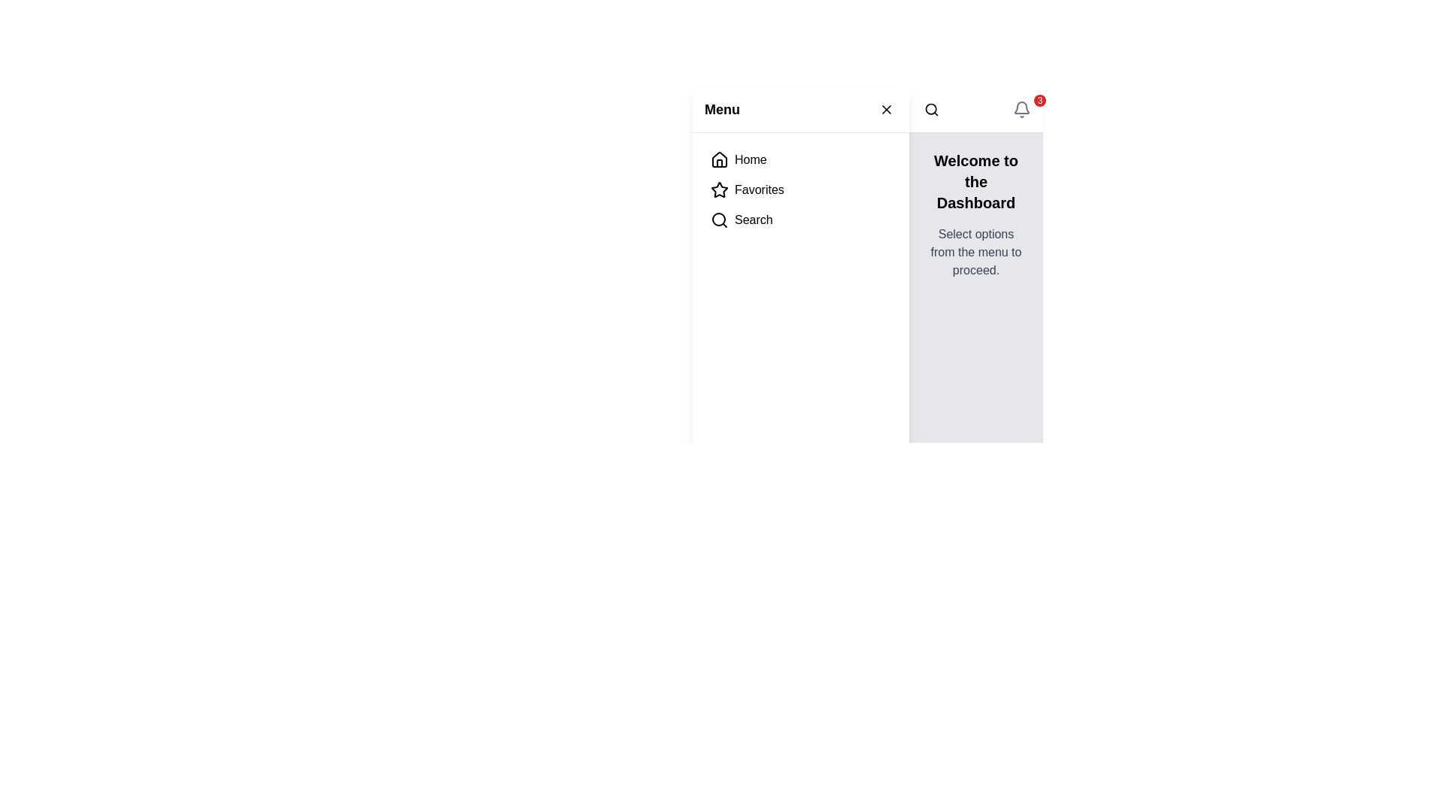 Image resolution: width=1444 pixels, height=812 pixels. What do you see at coordinates (1021, 109) in the screenshot?
I see `the Notification Icon with Badge located in the top navigation bar` at bounding box center [1021, 109].